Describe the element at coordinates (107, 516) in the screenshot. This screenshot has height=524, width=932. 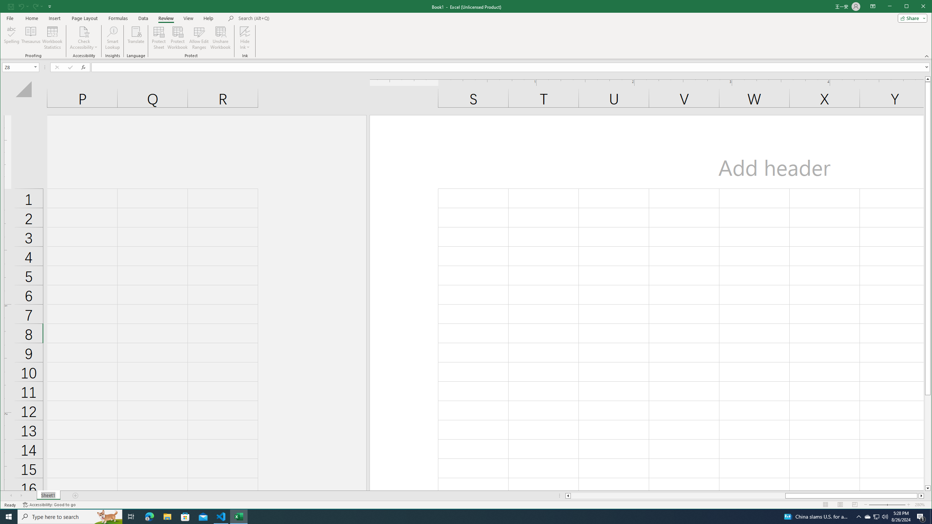
I see `'Search highlights icon opens search home window'` at that location.